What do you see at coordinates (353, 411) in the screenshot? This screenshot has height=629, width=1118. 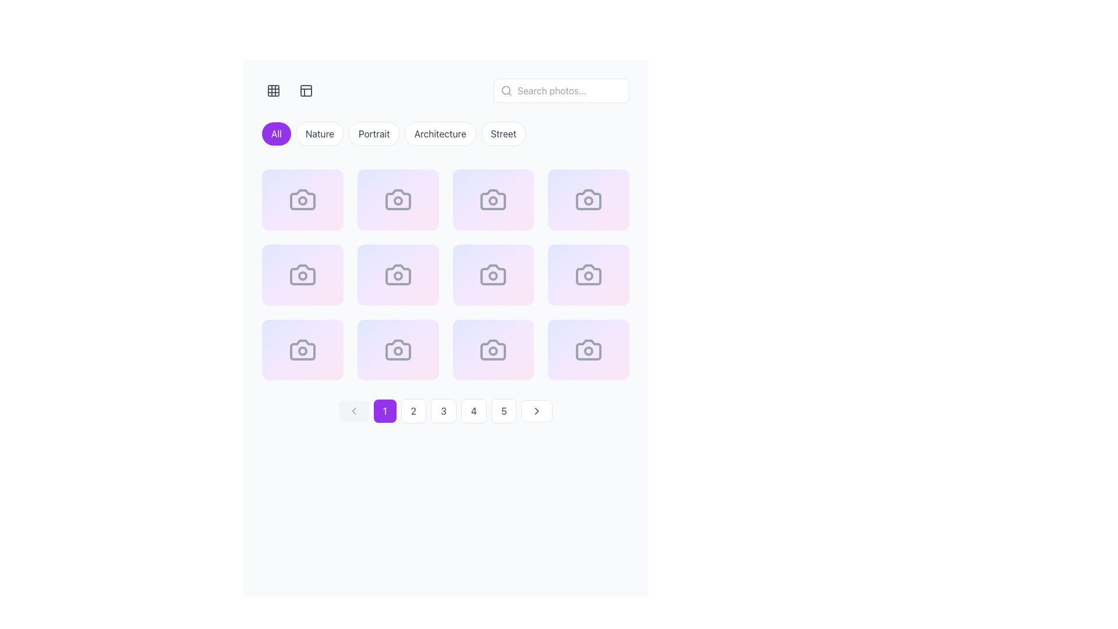 I see `the left-arrow navigation button, which is styled as an SVG icon and located at the bottom of the display as the leftmost item in the navigation control group` at bounding box center [353, 411].